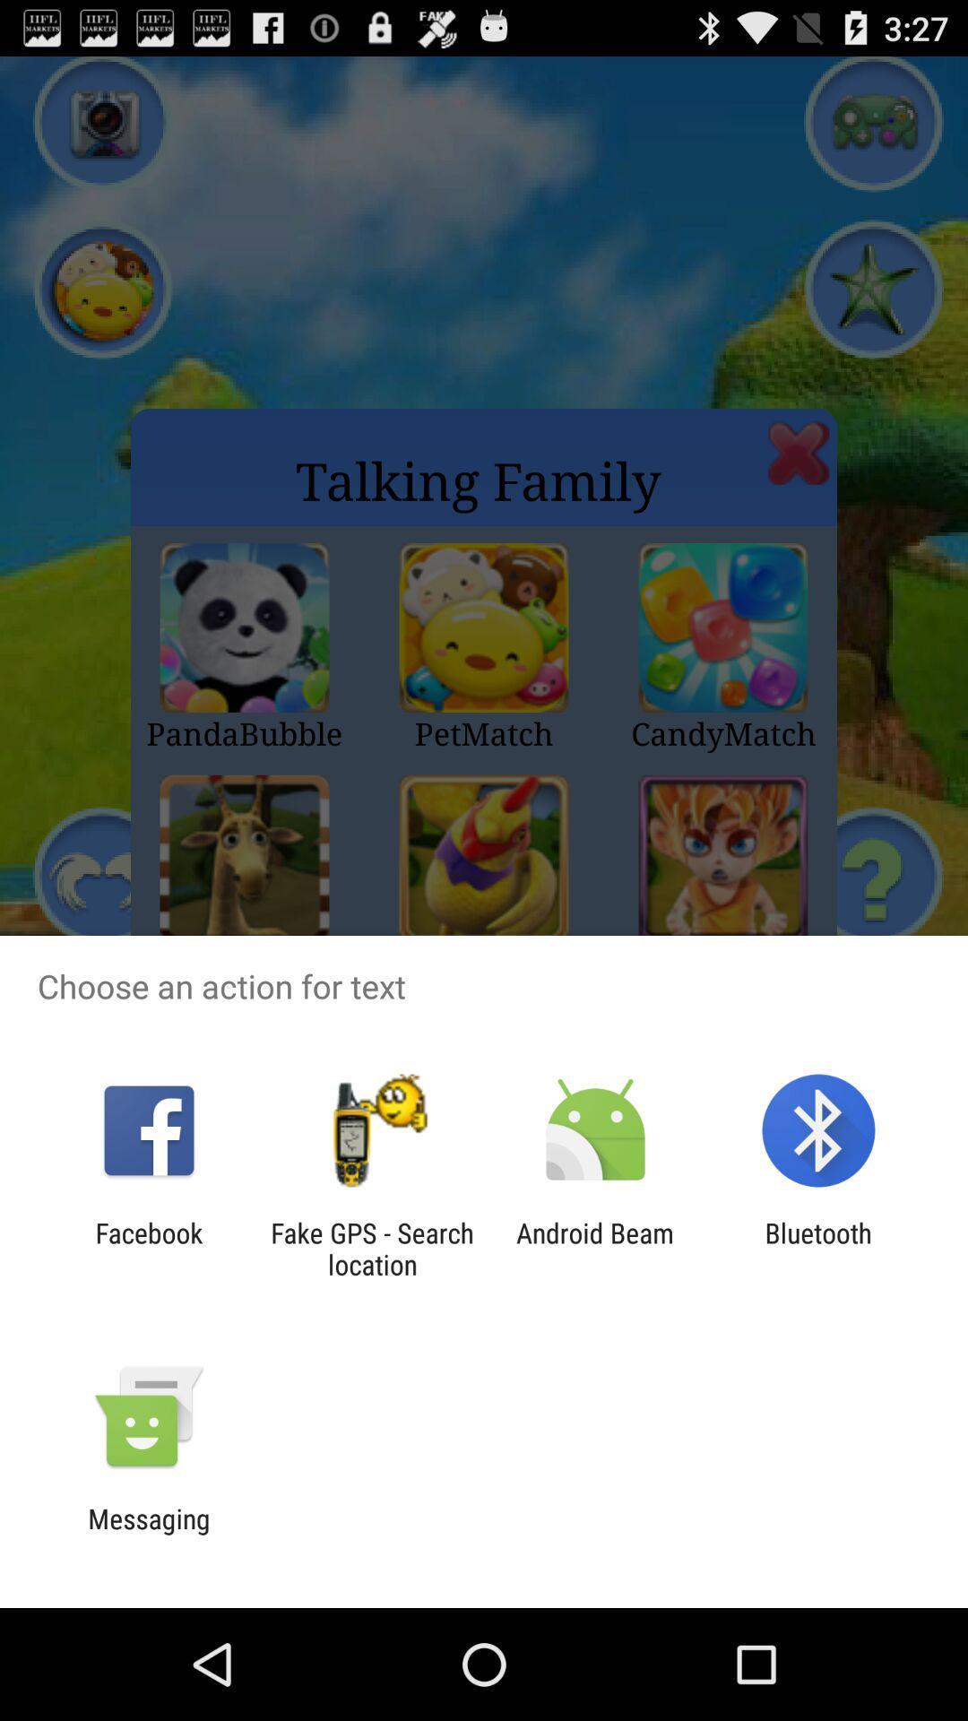  I want to click on the app next to bluetooth app, so click(595, 1248).